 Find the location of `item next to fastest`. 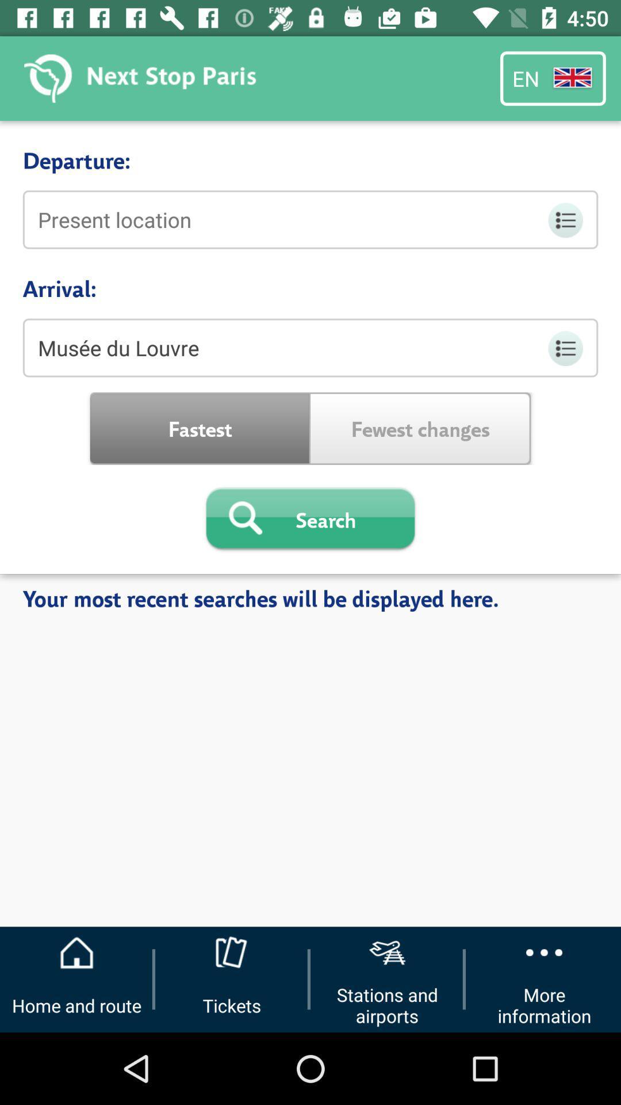

item next to fastest is located at coordinates (420, 428).